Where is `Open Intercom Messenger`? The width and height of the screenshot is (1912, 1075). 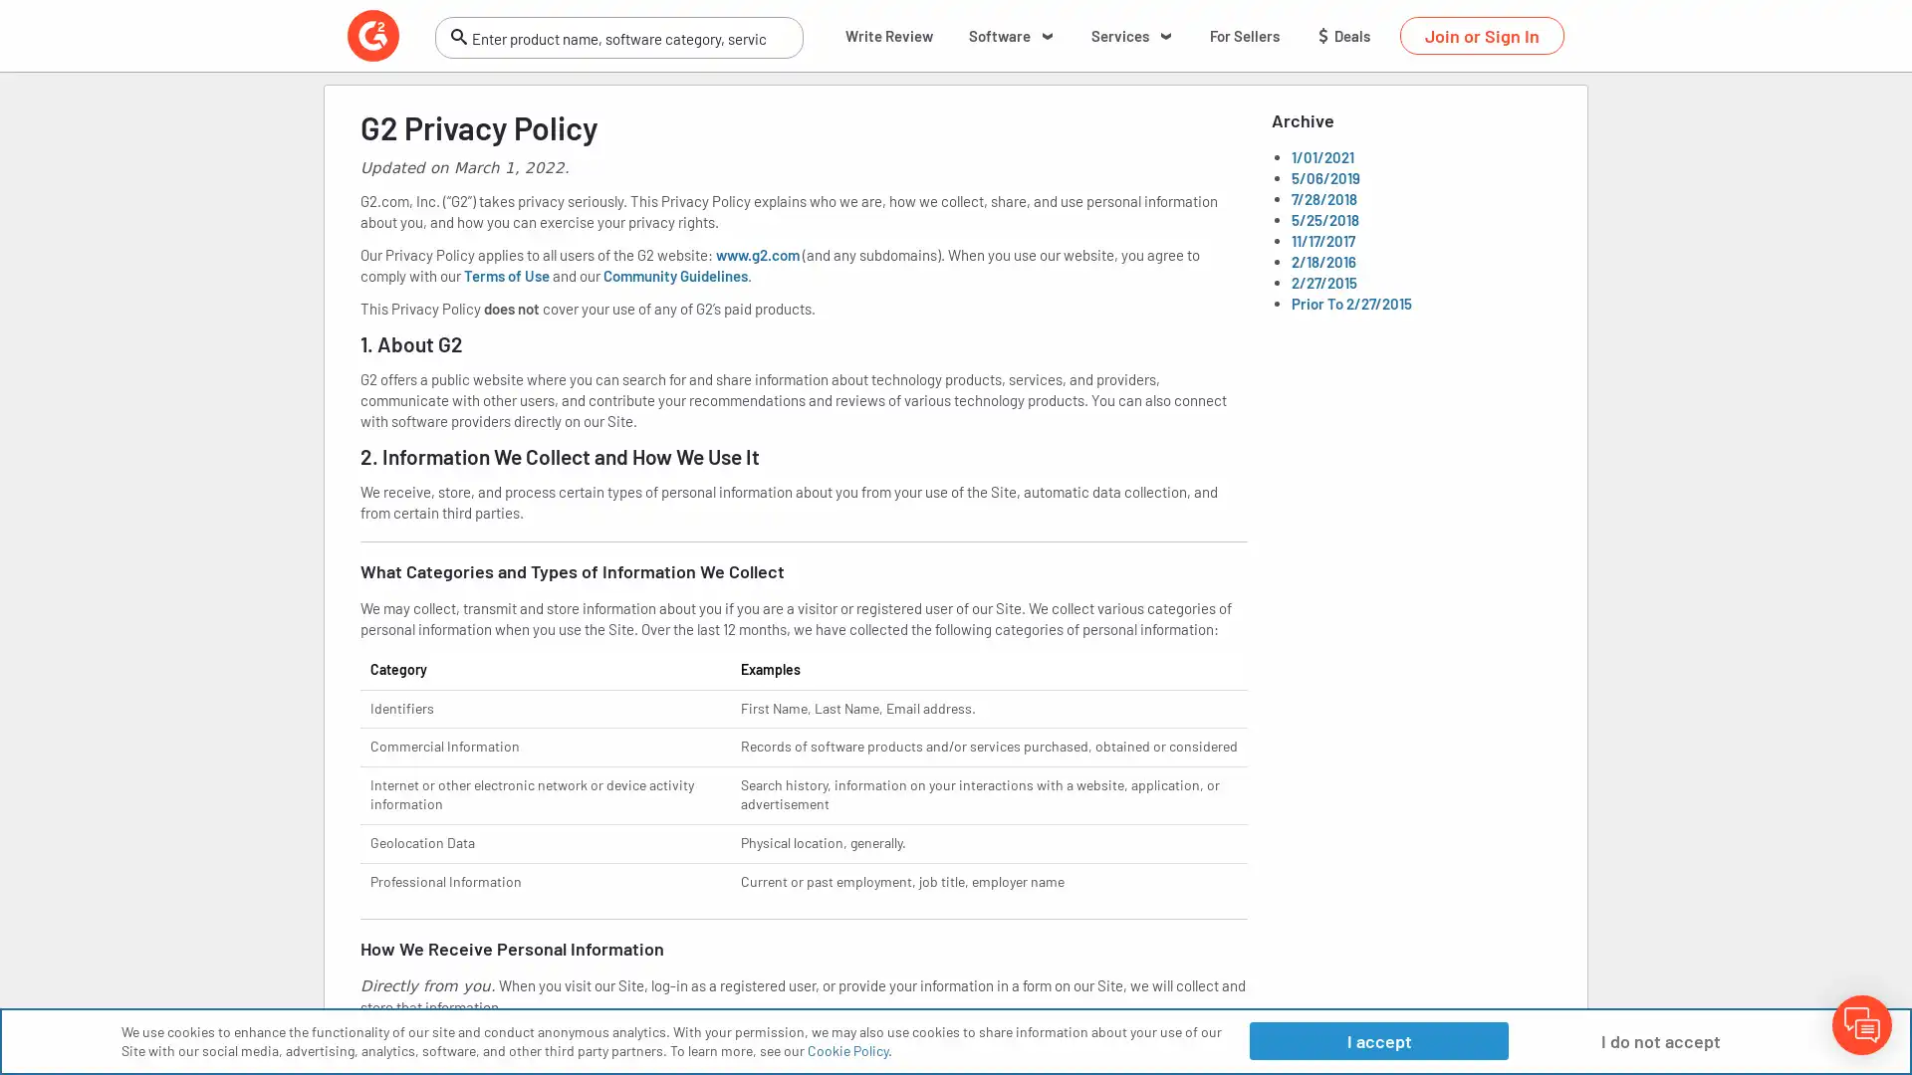
Open Intercom Messenger is located at coordinates (1861, 1024).